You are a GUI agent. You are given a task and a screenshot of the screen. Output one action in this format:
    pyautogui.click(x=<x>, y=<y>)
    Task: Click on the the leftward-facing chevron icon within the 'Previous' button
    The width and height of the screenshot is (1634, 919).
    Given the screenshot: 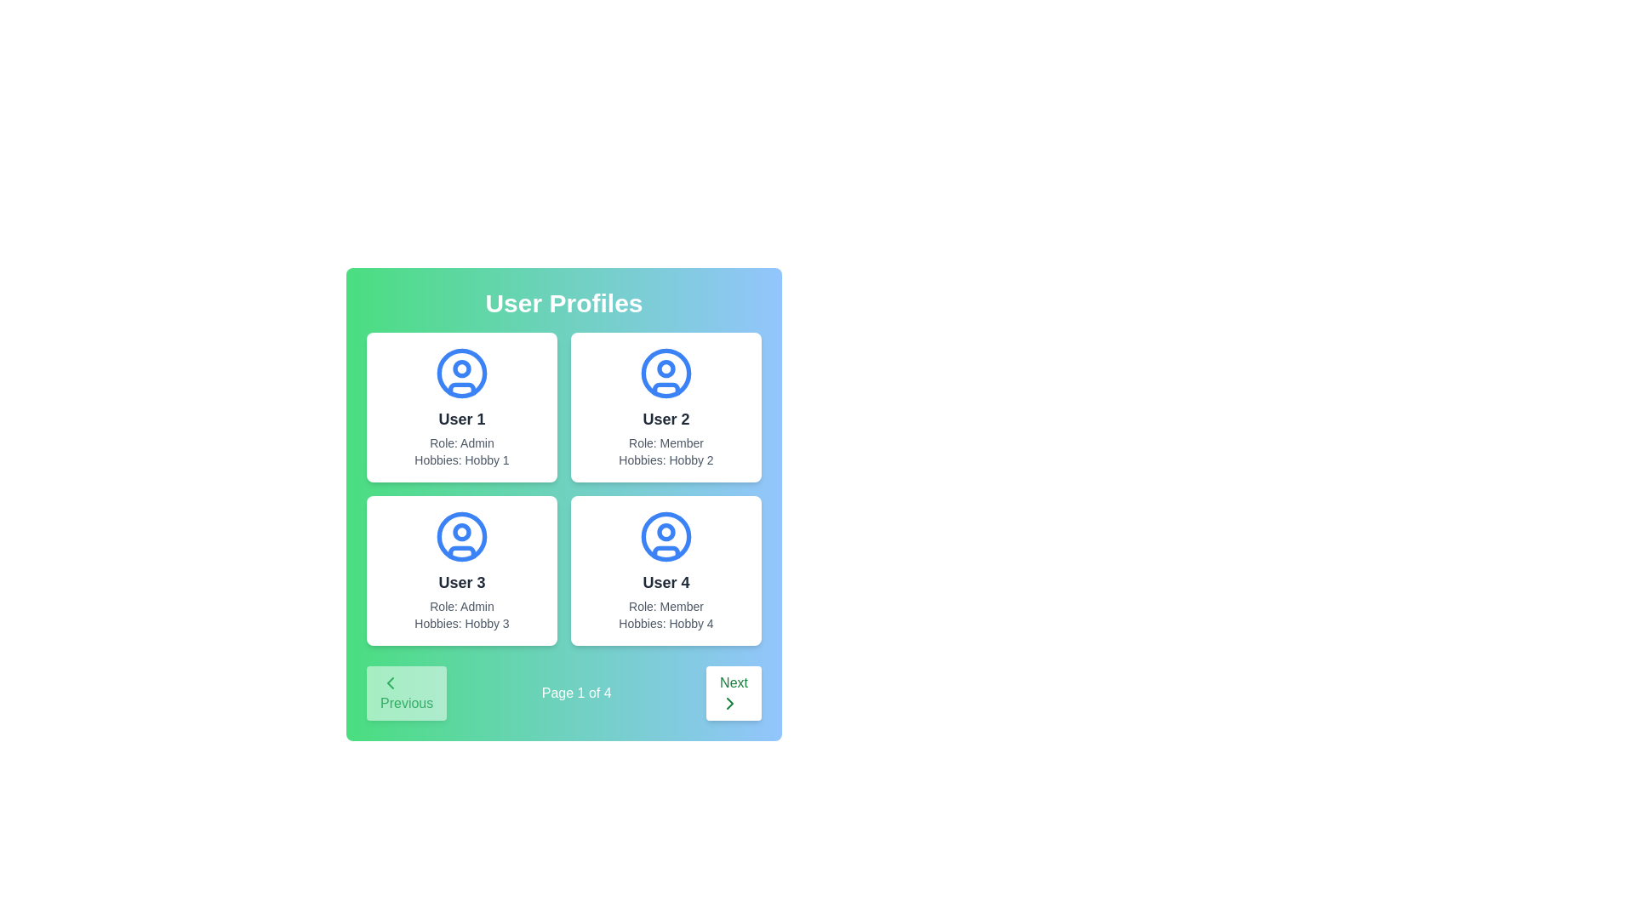 What is the action you would take?
    pyautogui.click(x=390, y=682)
    